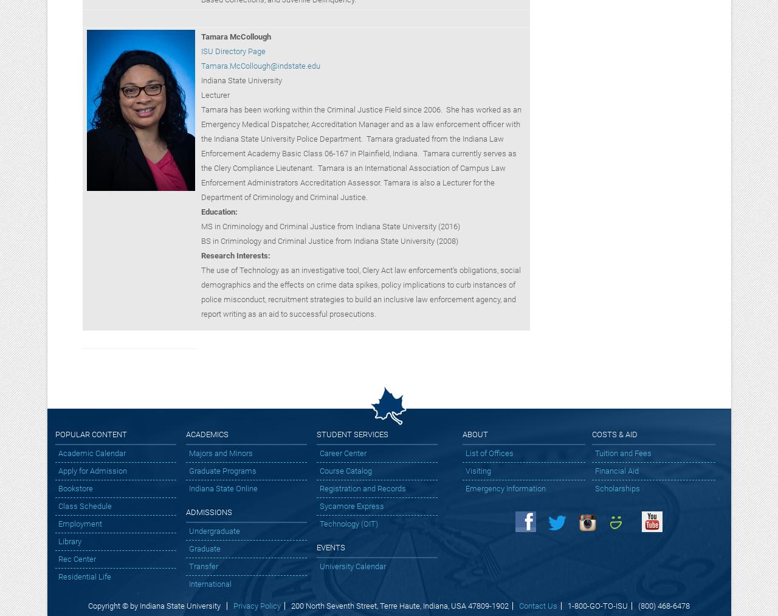  What do you see at coordinates (597, 606) in the screenshot?
I see `'1-800-GO-TO-ISU'` at bounding box center [597, 606].